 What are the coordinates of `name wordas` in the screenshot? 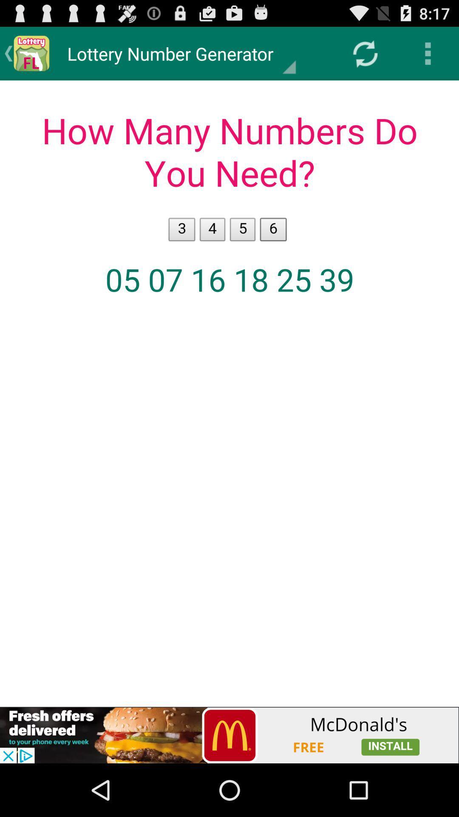 It's located at (229, 393).